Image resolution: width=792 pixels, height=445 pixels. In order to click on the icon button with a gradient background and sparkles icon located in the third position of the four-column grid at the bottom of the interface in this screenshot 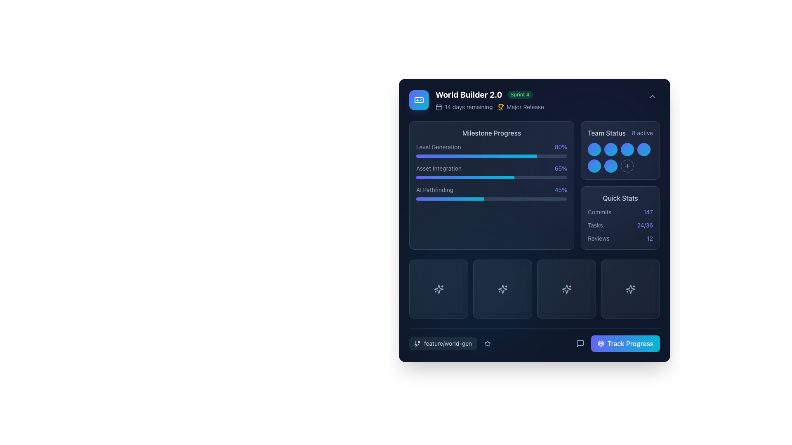, I will do `click(566, 288)`.